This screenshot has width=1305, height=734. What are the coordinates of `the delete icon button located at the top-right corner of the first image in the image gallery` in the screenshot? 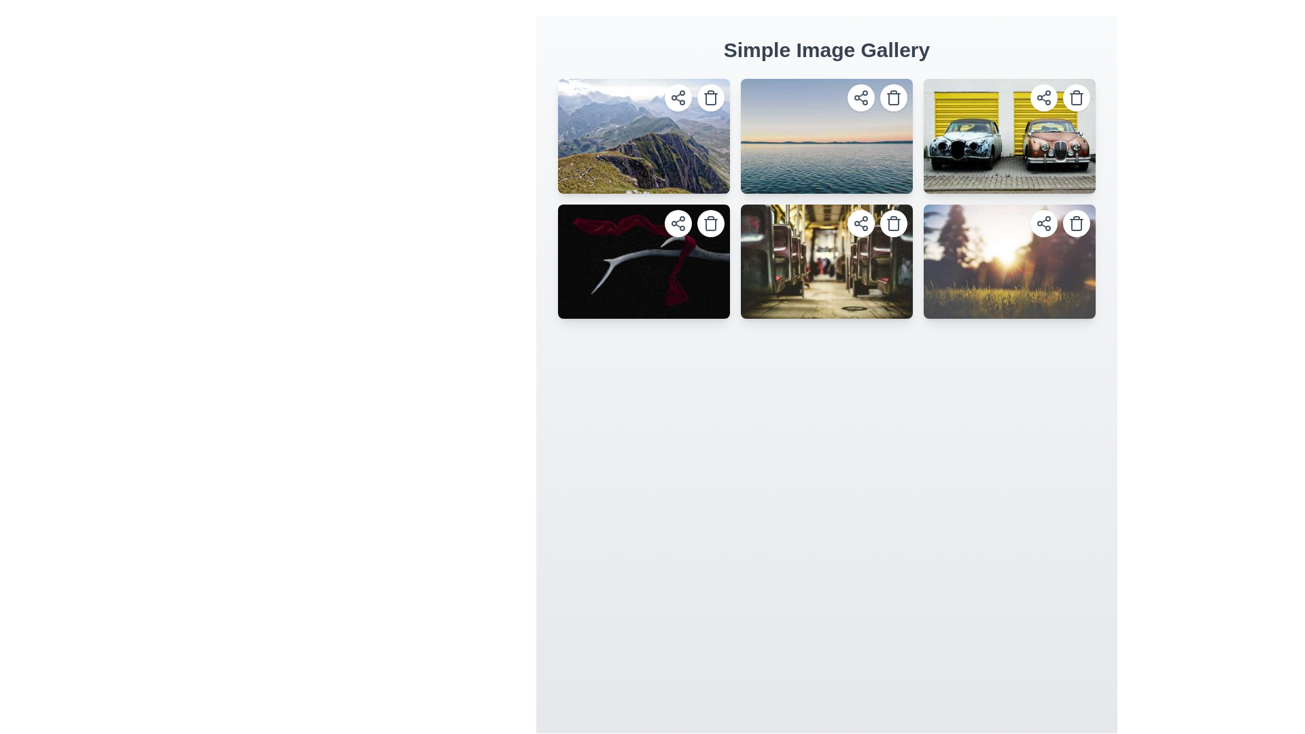 It's located at (710, 97).